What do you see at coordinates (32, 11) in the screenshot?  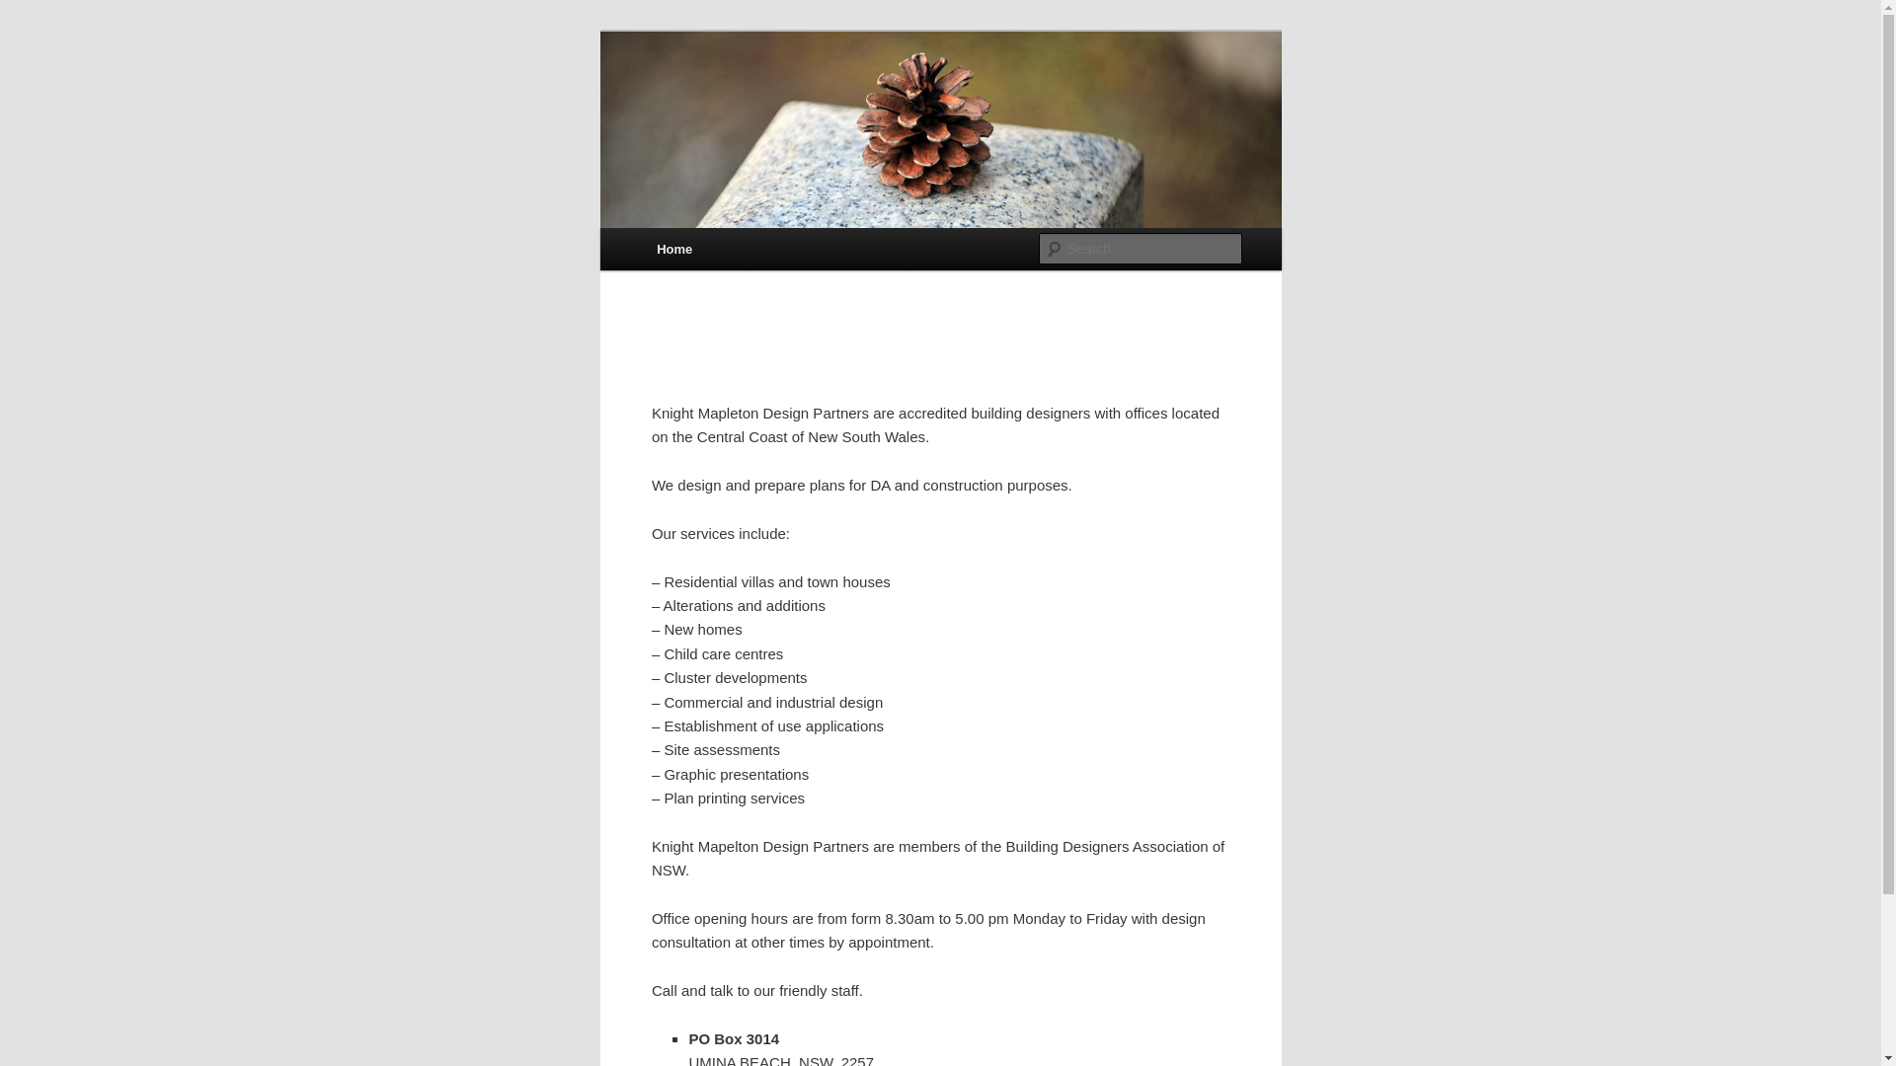 I see `'Search'` at bounding box center [32, 11].